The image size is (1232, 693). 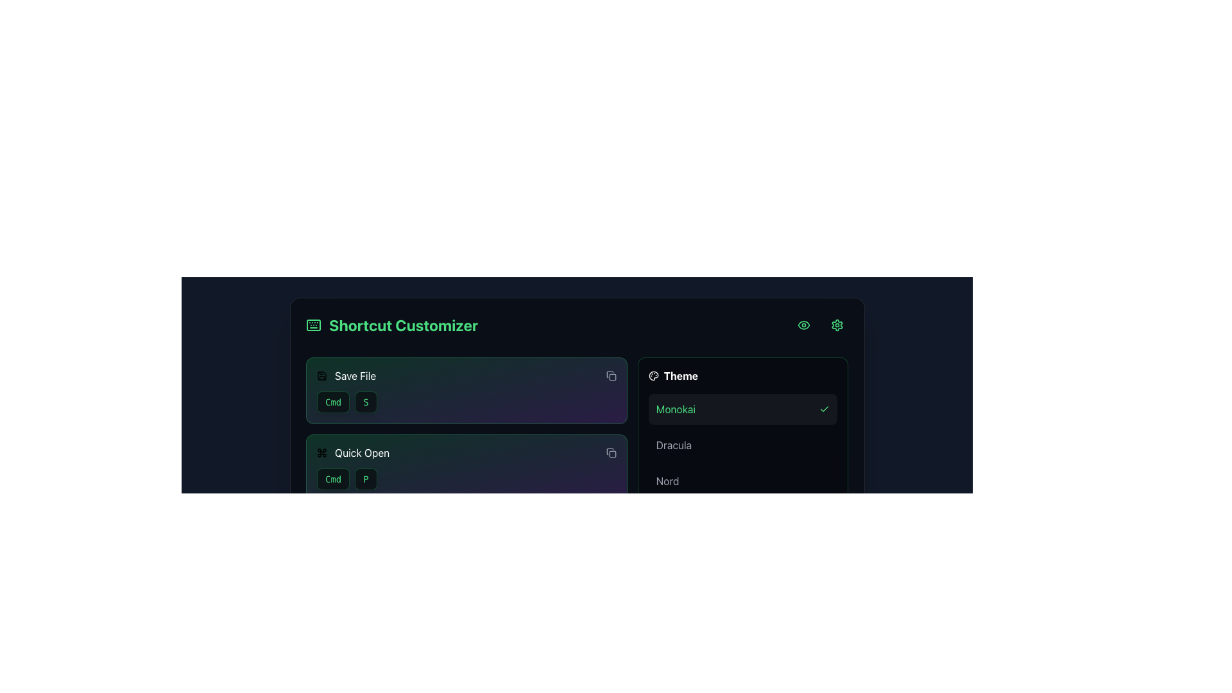 I want to click on the text label 'Dracula' in the theme selection section, so click(x=673, y=445).